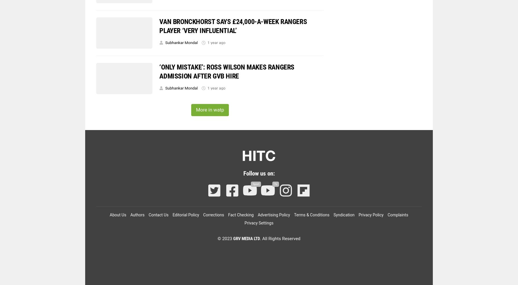 The image size is (518, 285). What do you see at coordinates (398, 214) in the screenshot?
I see `'Complaints'` at bounding box center [398, 214].